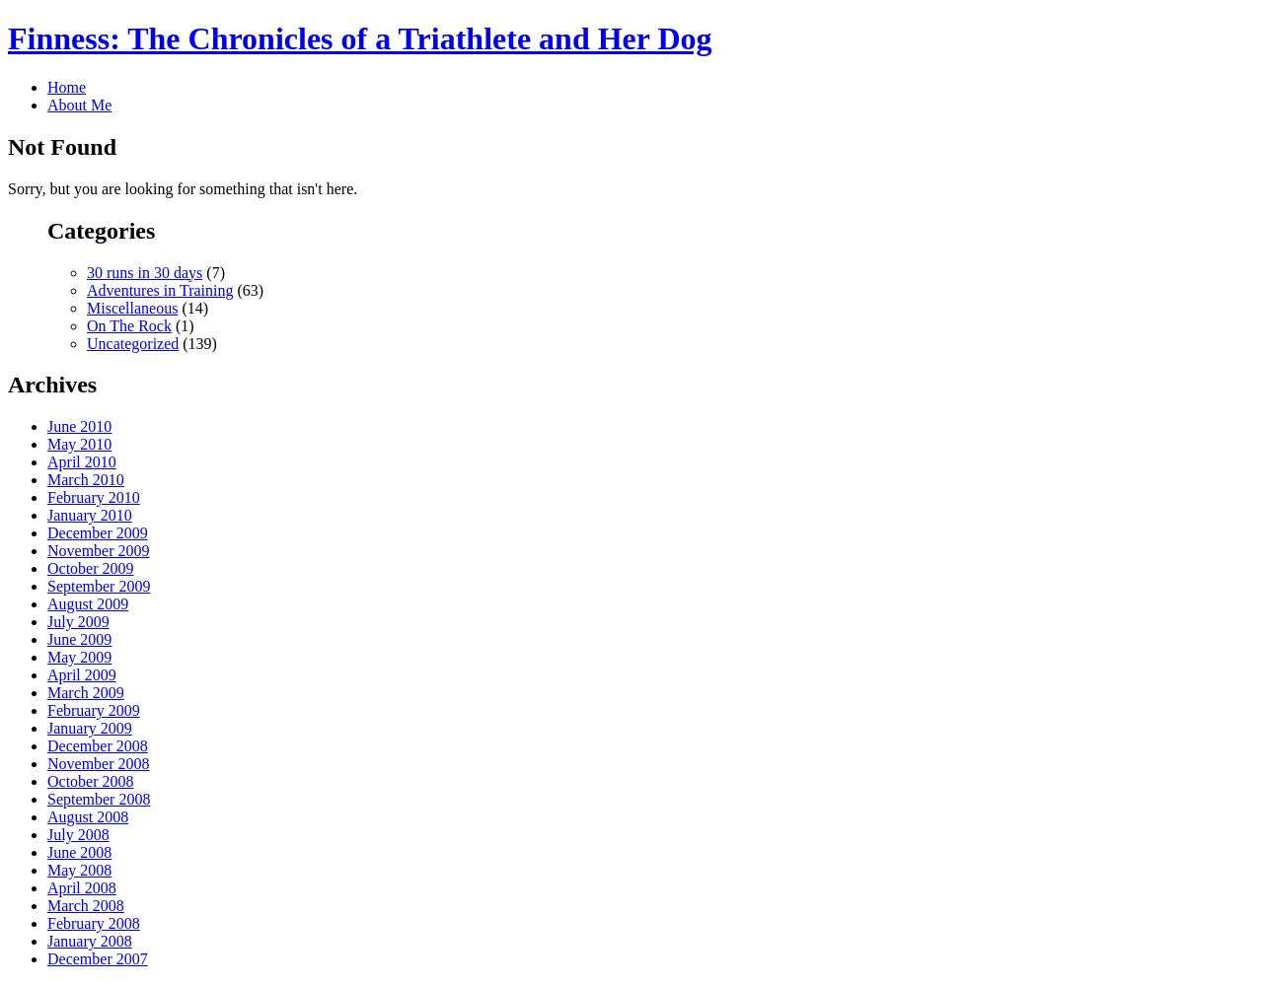 The height and width of the screenshot is (986, 1263). I want to click on 'March 2010', so click(84, 478).